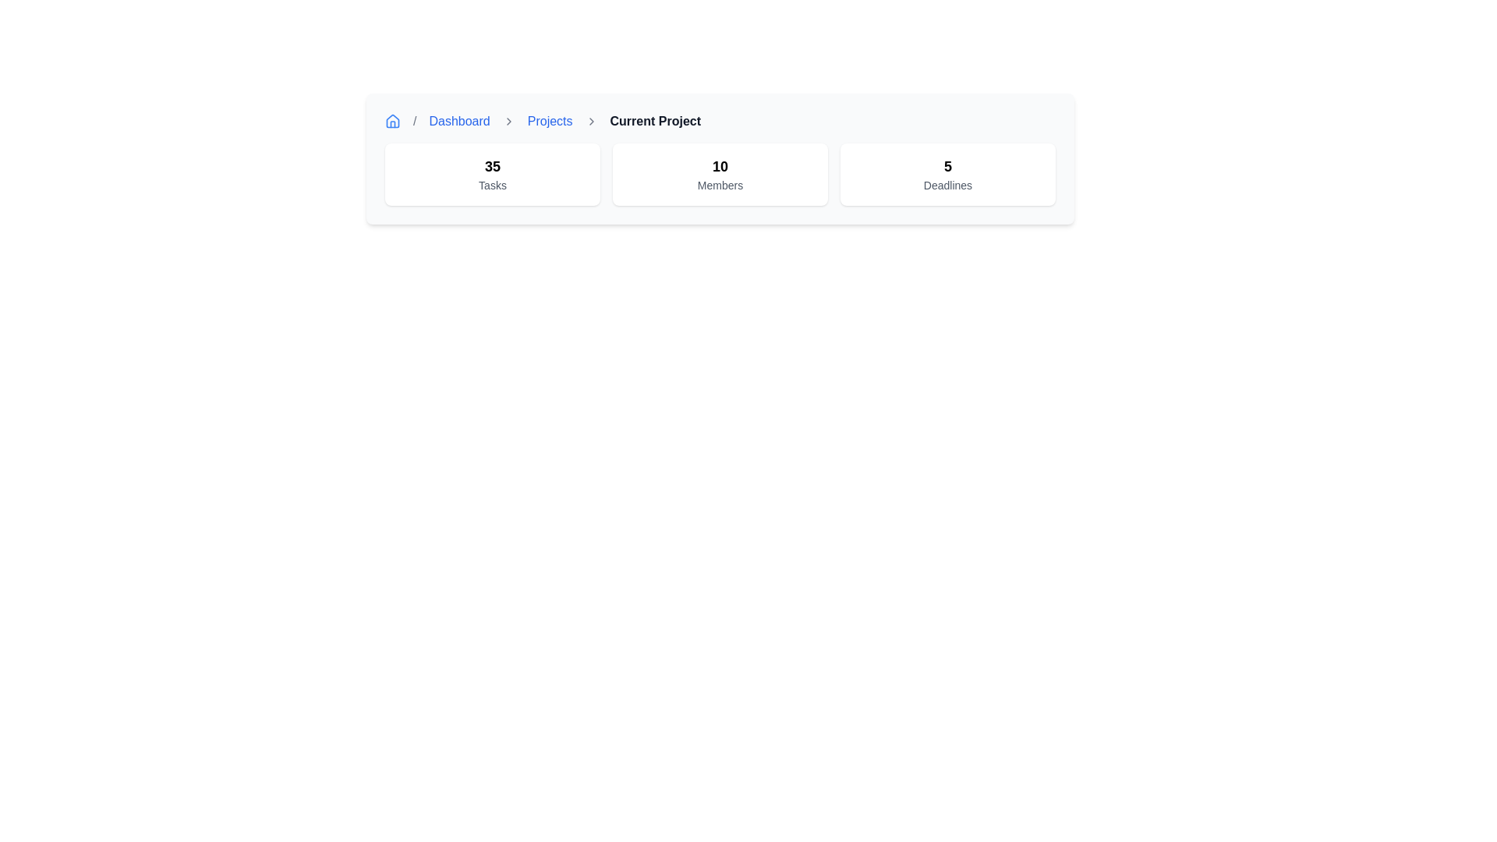 This screenshot has height=842, width=1497. What do you see at coordinates (590, 120) in the screenshot?
I see `the small right-facing gray chevron icon located immediately after the 'Projects' link in the breadcrumb navigation` at bounding box center [590, 120].